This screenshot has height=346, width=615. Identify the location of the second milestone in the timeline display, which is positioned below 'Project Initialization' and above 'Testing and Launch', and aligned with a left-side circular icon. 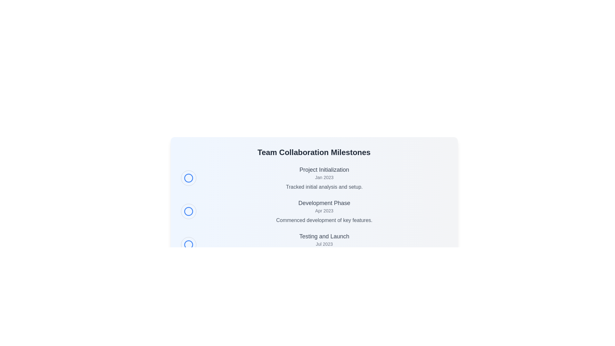
(314, 211).